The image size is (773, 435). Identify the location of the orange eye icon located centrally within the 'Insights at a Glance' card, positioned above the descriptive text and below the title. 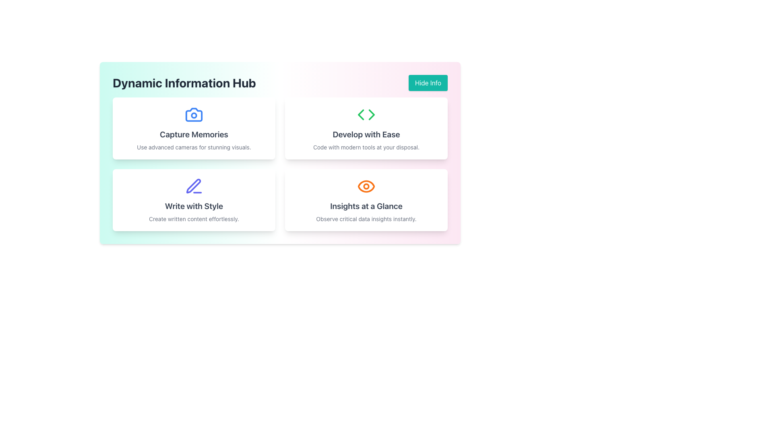
(366, 186).